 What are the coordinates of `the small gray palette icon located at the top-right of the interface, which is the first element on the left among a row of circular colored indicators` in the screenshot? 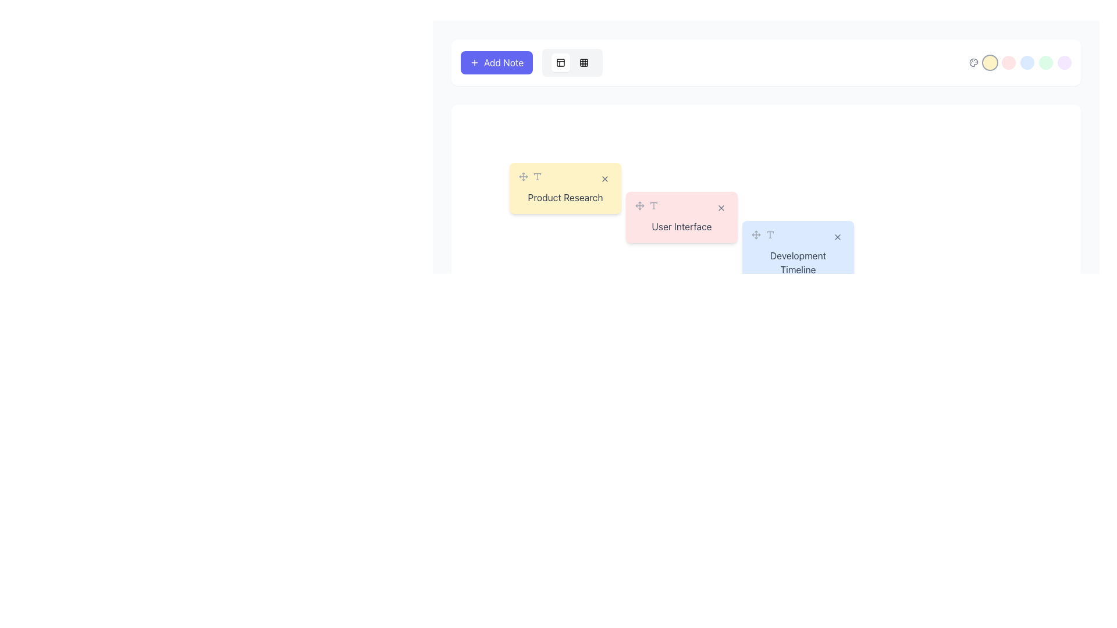 It's located at (974, 63).